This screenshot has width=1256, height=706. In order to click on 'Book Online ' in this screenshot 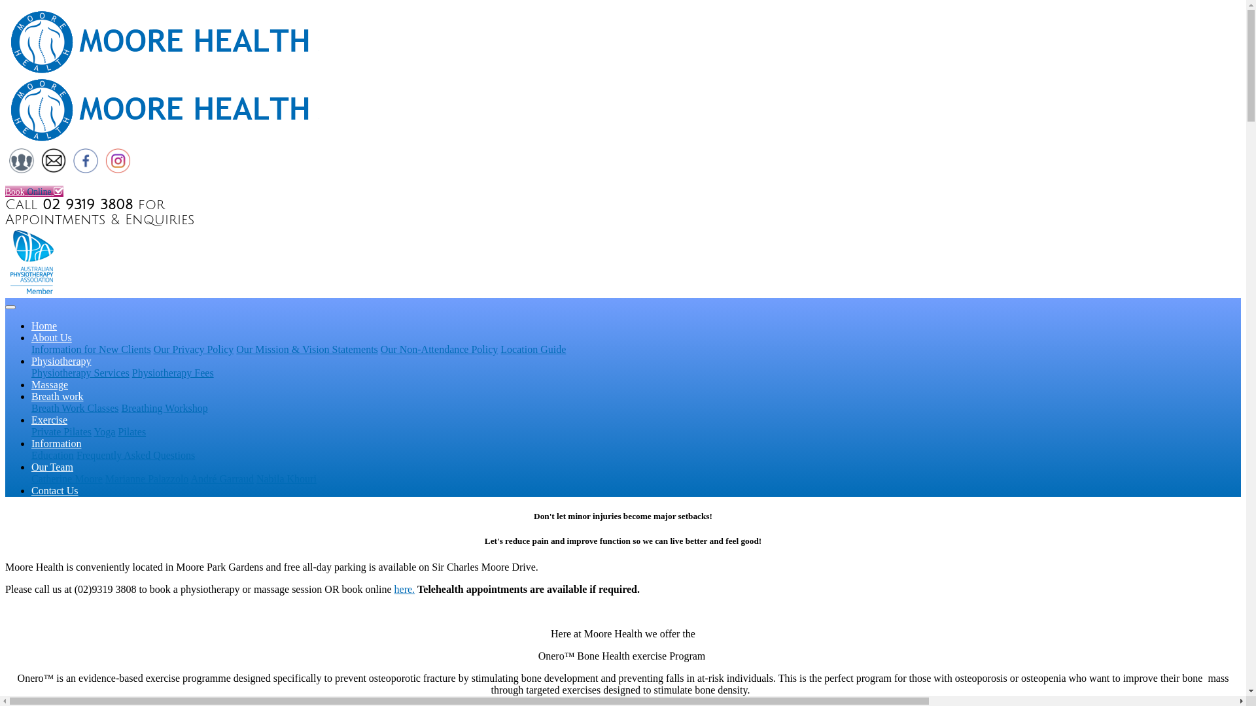, I will do `click(622, 179)`.